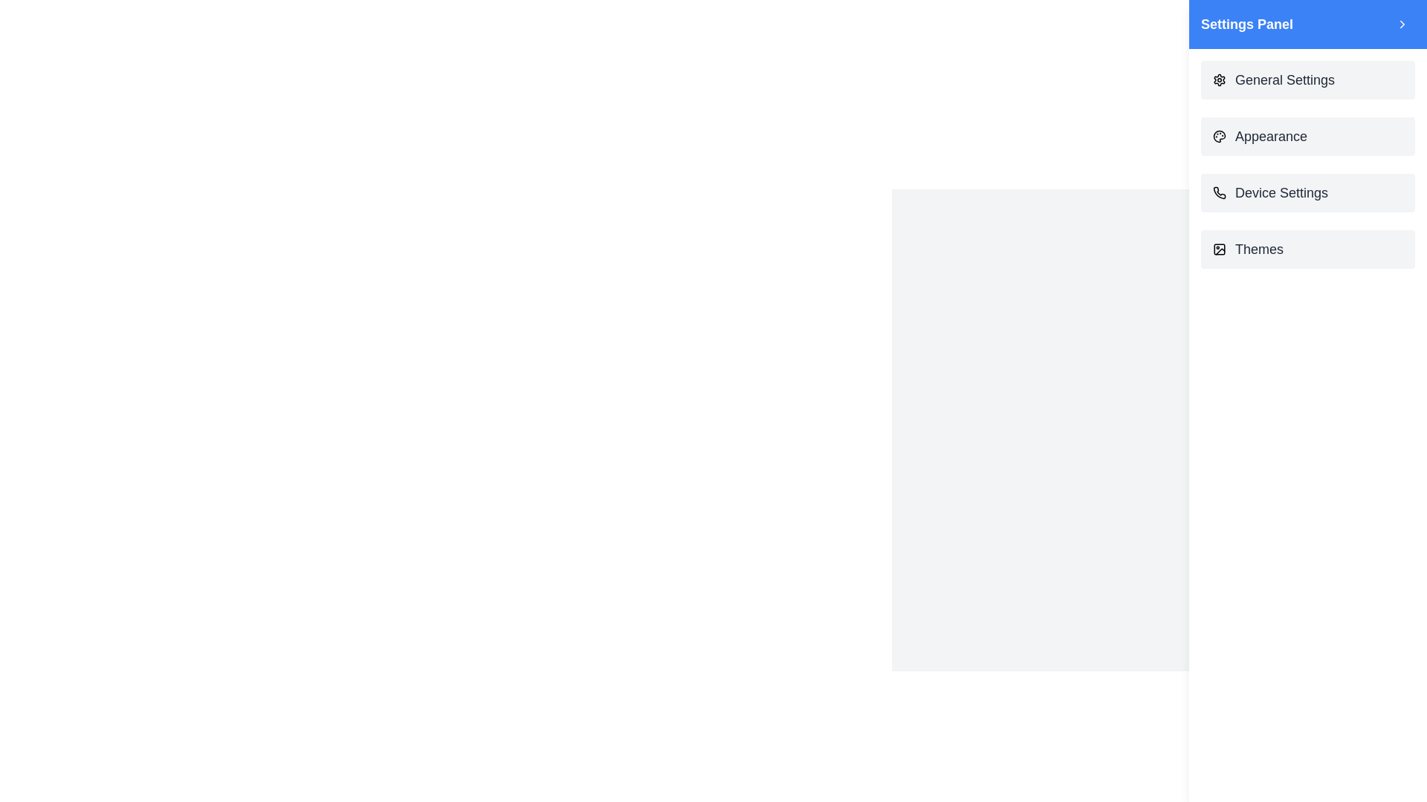 Image resolution: width=1427 pixels, height=802 pixels. What do you see at coordinates (1247, 25) in the screenshot?
I see `the 'Settings Panel' text label located on the left-most side of the navigation bar to trigger tooltip or highlighting effects` at bounding box center [1247, 25].